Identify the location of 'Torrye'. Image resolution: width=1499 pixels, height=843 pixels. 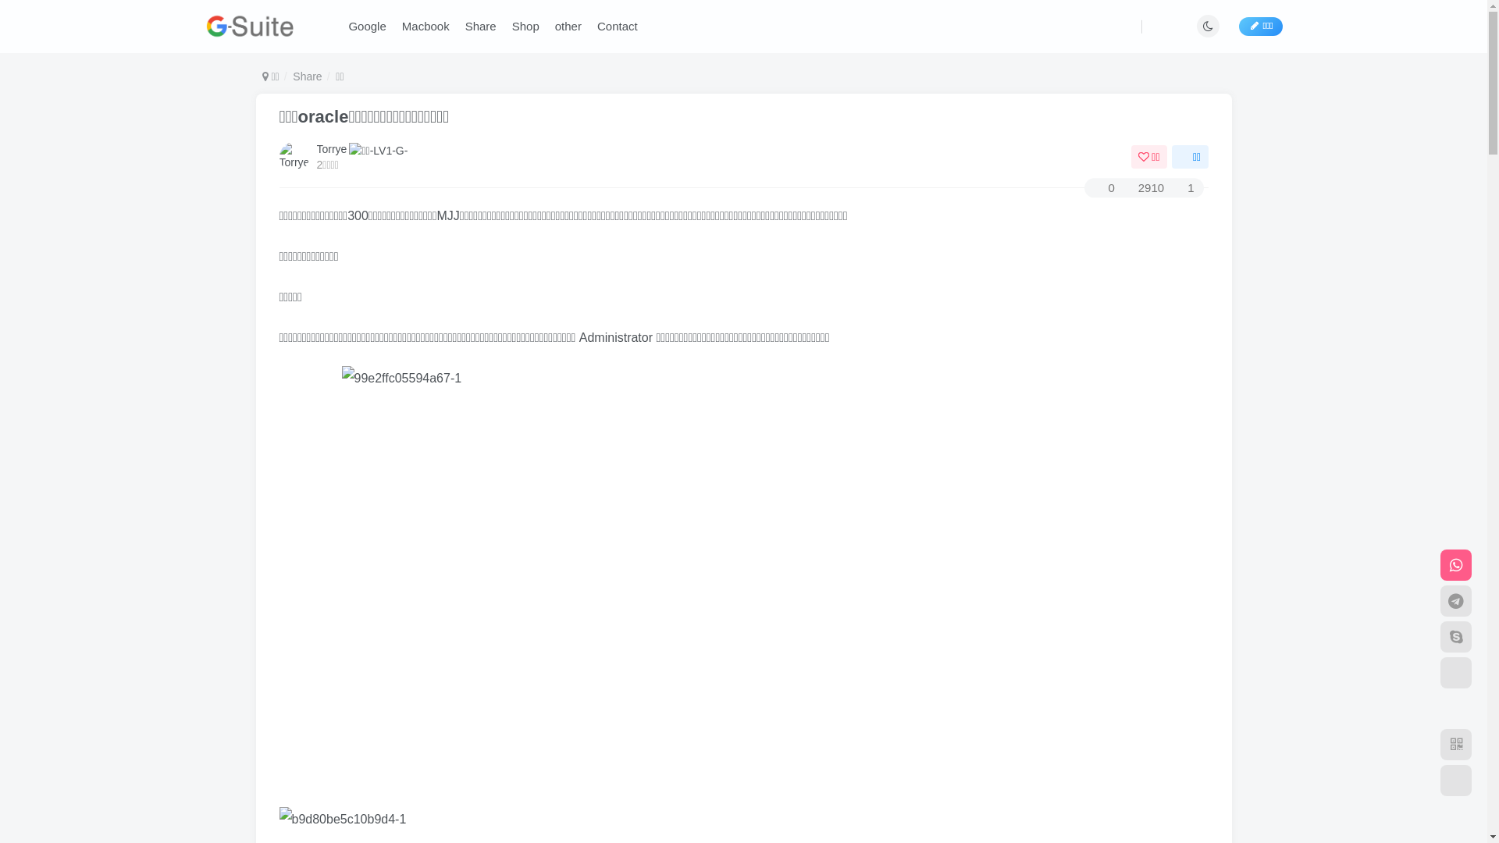
(331, 149).